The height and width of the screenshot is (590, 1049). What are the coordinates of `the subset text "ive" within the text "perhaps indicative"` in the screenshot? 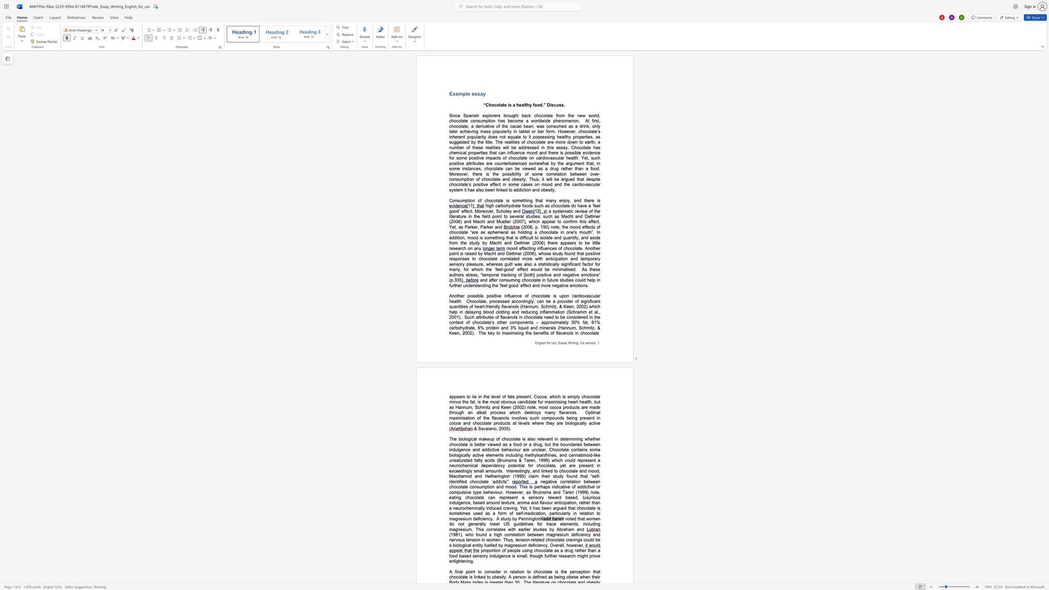 It's located at (564, 486).